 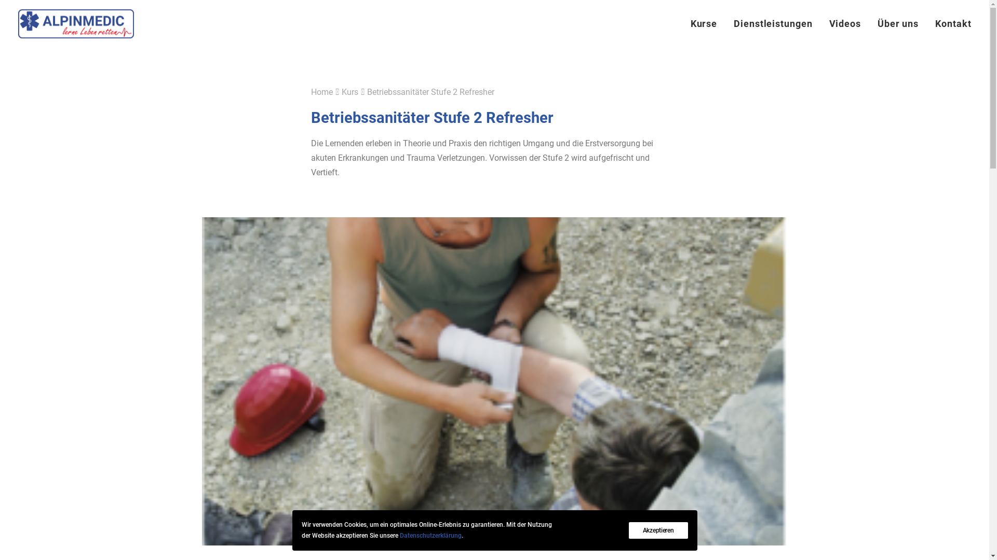 What do you see at coordinates (845, 23) in the screenshot?
I see `'Videos'` at bounding box center [845, 23].